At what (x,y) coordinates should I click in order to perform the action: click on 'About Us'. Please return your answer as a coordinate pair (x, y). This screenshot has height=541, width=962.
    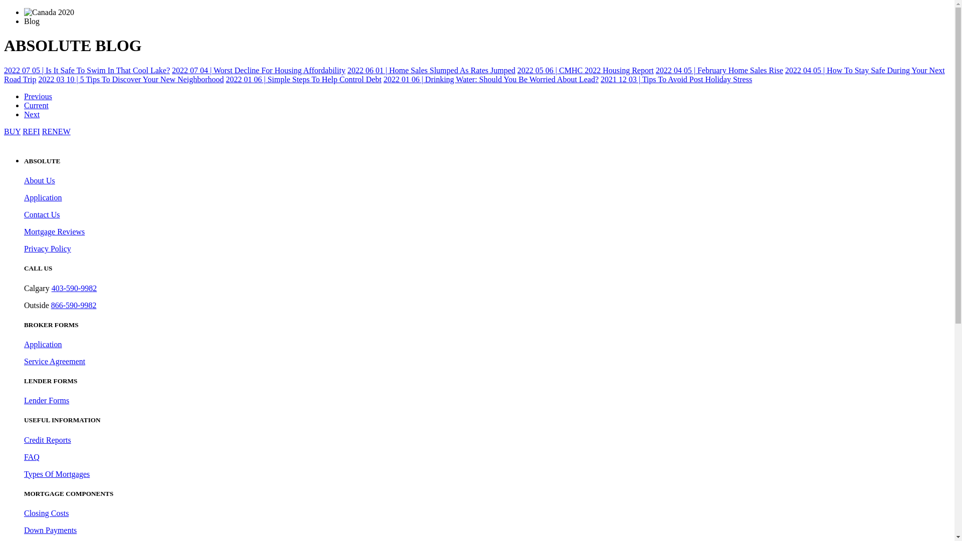
    Looking at the image, I should click on (39, 180).